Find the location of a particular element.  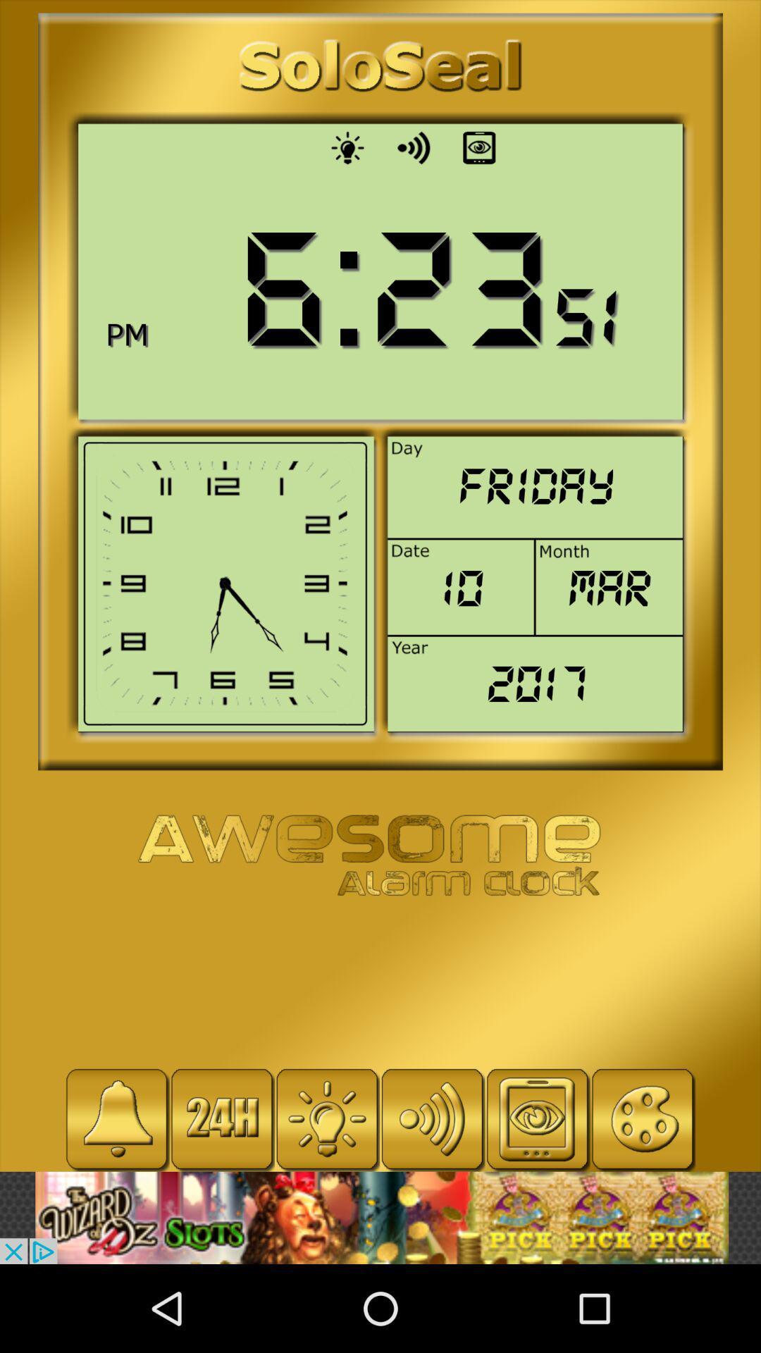

the icon right to 24h is located at coordinates (327, 1118).